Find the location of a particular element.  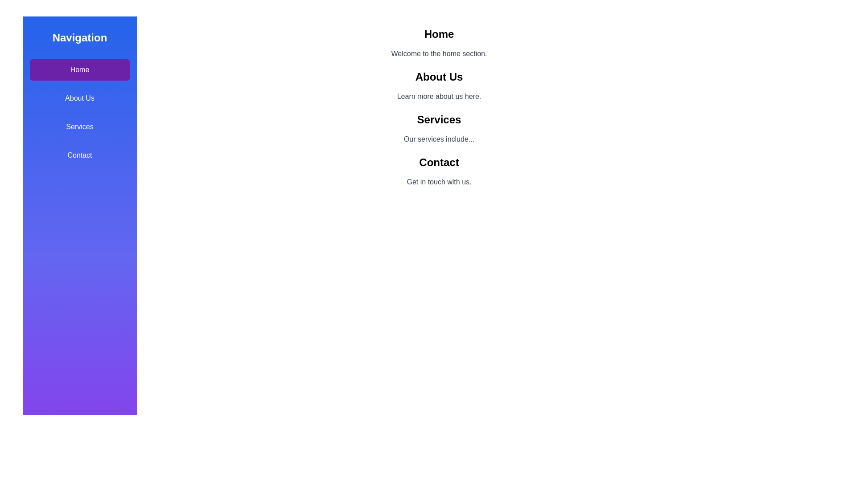

the 'About Us' button, which is a rounded clickable element with purple background, located in the vertical navigation menu is located at coordinates (79, 98).